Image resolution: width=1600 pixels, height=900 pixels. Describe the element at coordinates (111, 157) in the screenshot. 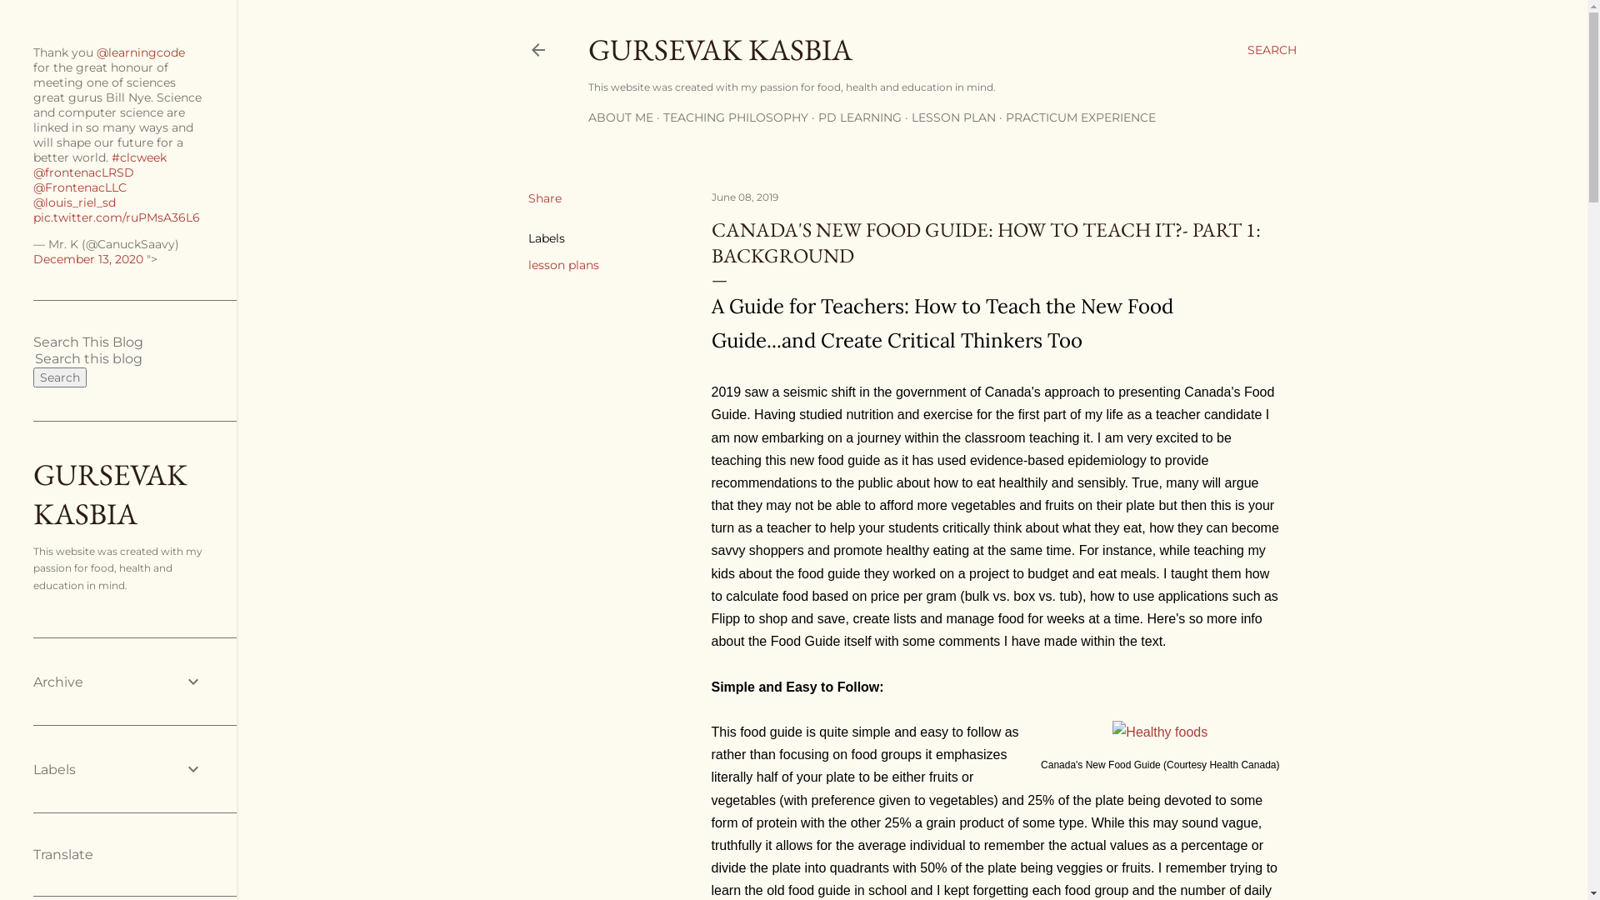

I see `'#clcweek'` at that location.